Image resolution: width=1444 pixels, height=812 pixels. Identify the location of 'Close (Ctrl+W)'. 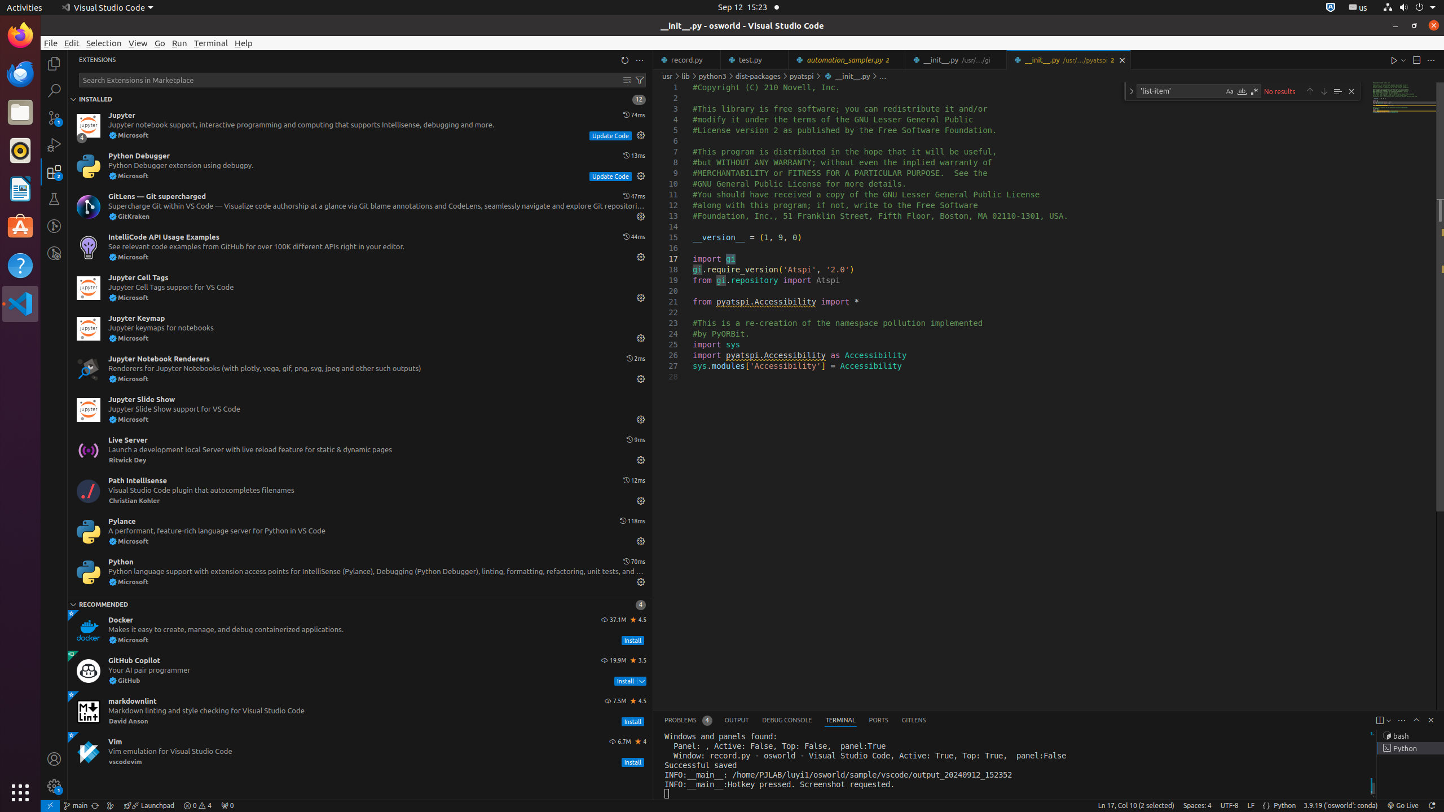
(1122, 60).